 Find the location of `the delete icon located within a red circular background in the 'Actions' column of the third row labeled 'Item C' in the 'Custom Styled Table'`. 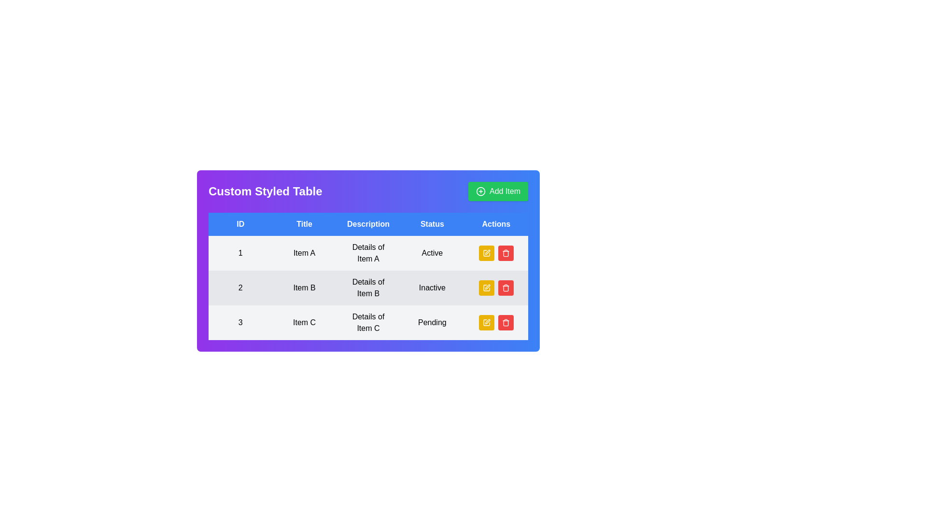

the delete icon located within a red circular background in the 'Actions' column of the third row labeled 'Item C' in the 'Custom Styled Table' is located at coordinates (505, 322).